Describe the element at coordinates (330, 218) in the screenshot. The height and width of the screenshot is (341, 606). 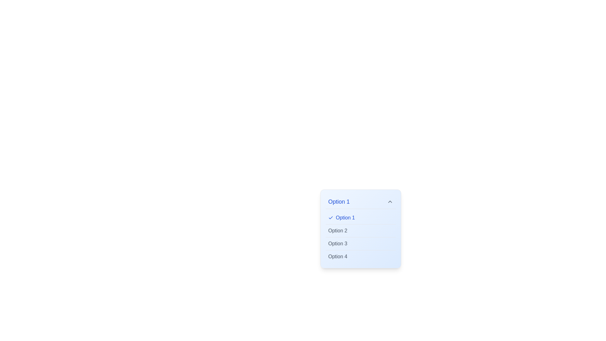
I see `the selection status icon representing 'Option 1', which is located to the left of the text 'Option 1' in the selection list` at that location.